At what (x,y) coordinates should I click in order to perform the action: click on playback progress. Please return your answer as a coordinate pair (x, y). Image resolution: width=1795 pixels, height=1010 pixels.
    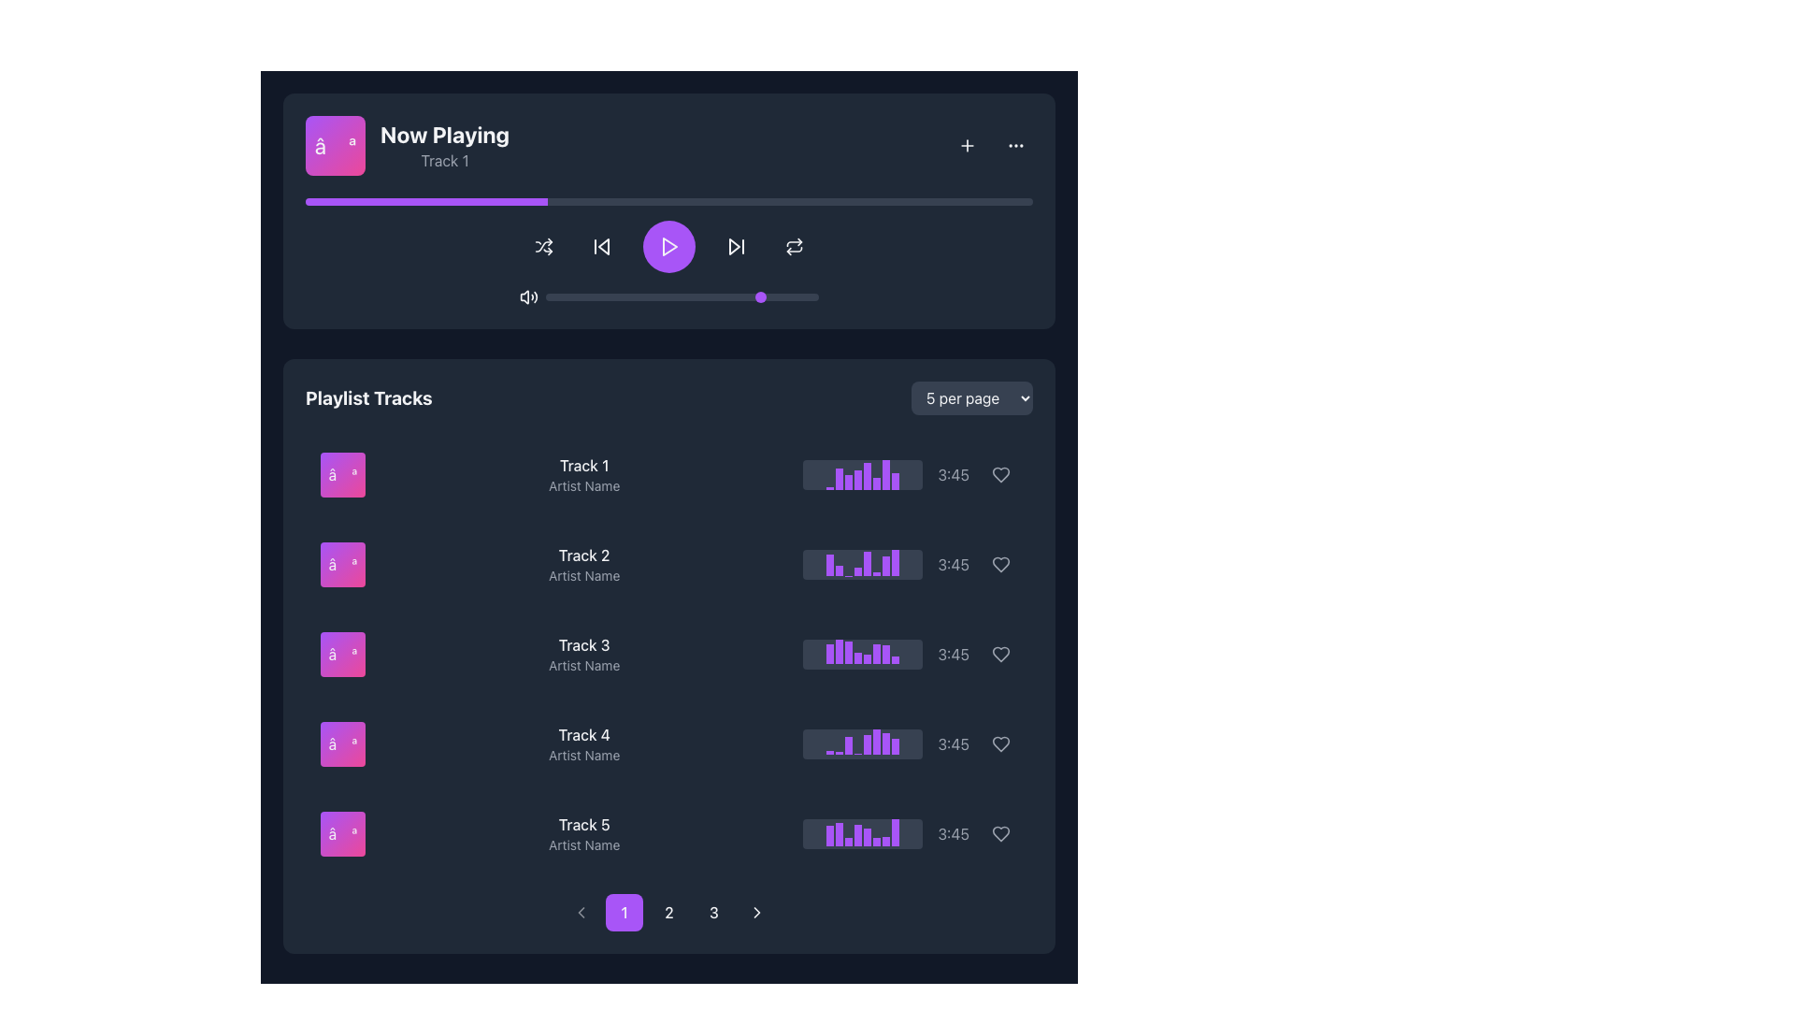
    Looking at the image, I should click on (509, 202).